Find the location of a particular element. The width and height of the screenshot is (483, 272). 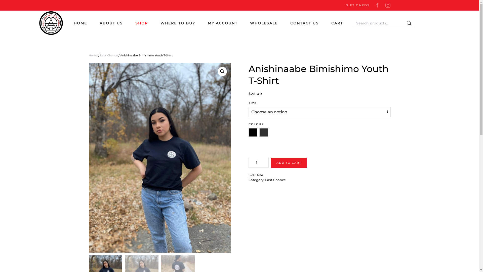

'ABOUT US' is located at coordinates (111, 23).